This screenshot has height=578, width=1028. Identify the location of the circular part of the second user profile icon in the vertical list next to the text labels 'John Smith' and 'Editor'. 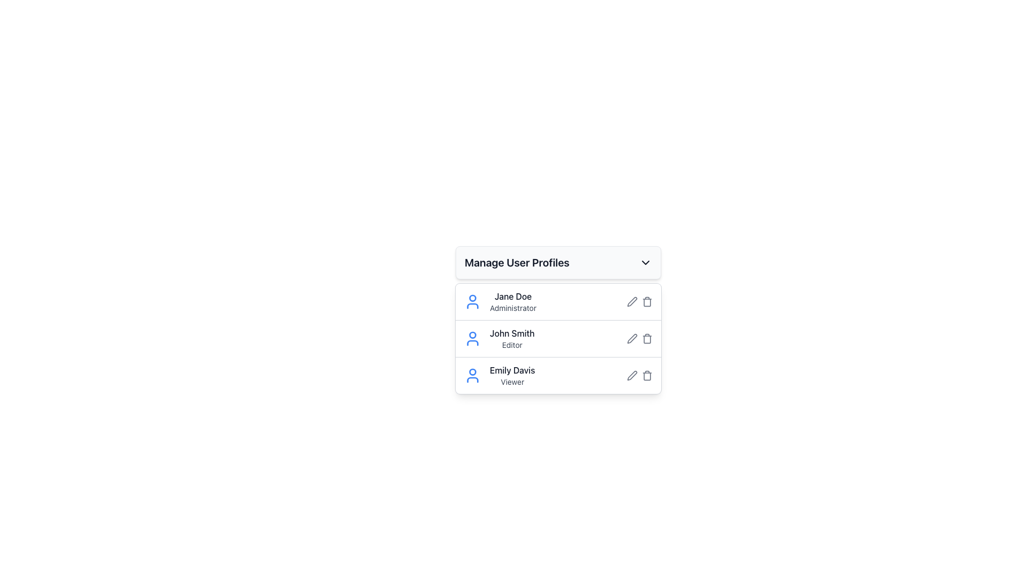
(472, 334).